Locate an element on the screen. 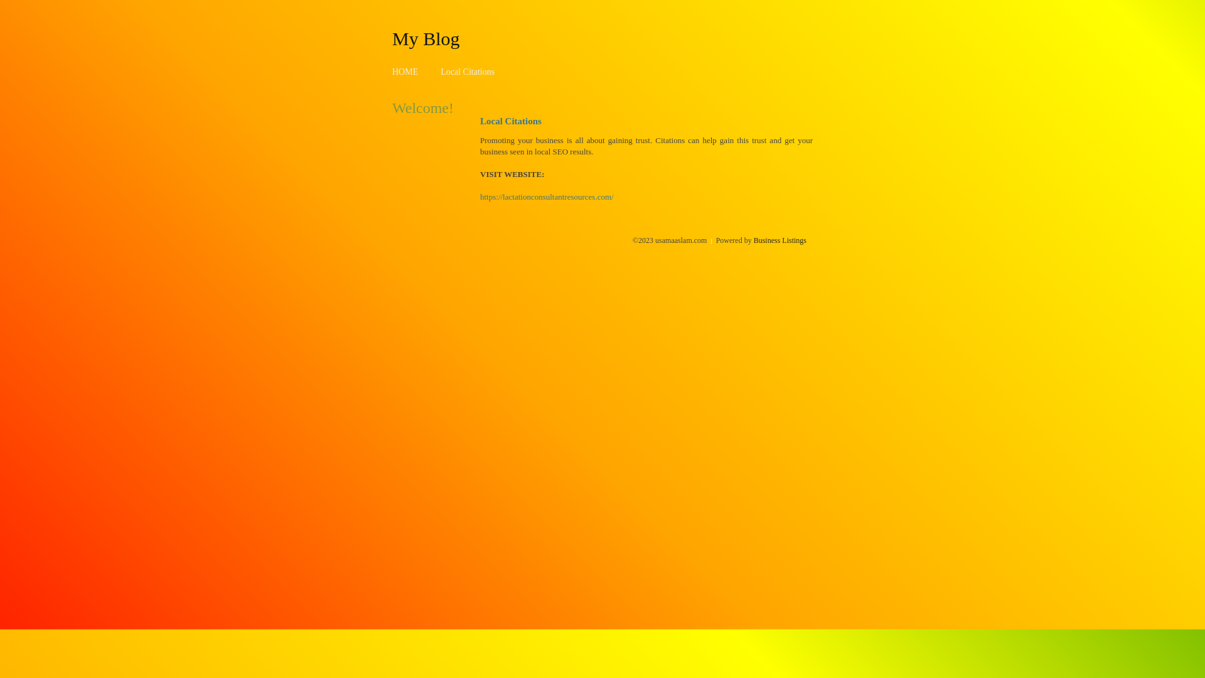  'https://lactationconsultantresources.com/' is located at coordinates (547, 196).